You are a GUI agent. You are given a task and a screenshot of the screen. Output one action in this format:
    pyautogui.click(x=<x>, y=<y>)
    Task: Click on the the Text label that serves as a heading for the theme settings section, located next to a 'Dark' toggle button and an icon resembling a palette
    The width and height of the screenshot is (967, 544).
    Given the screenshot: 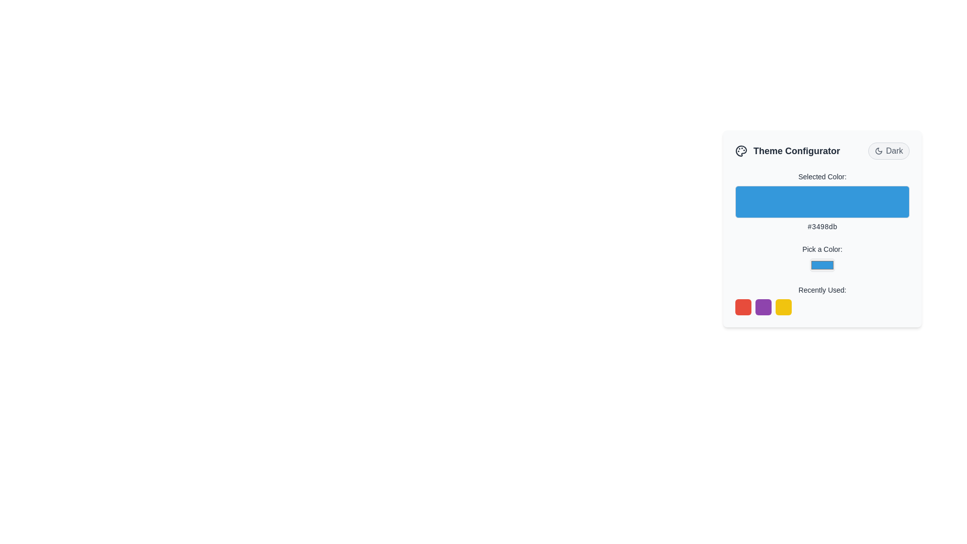 What is the action you would take?
    pyautogui.click(x=796, y=151)
    